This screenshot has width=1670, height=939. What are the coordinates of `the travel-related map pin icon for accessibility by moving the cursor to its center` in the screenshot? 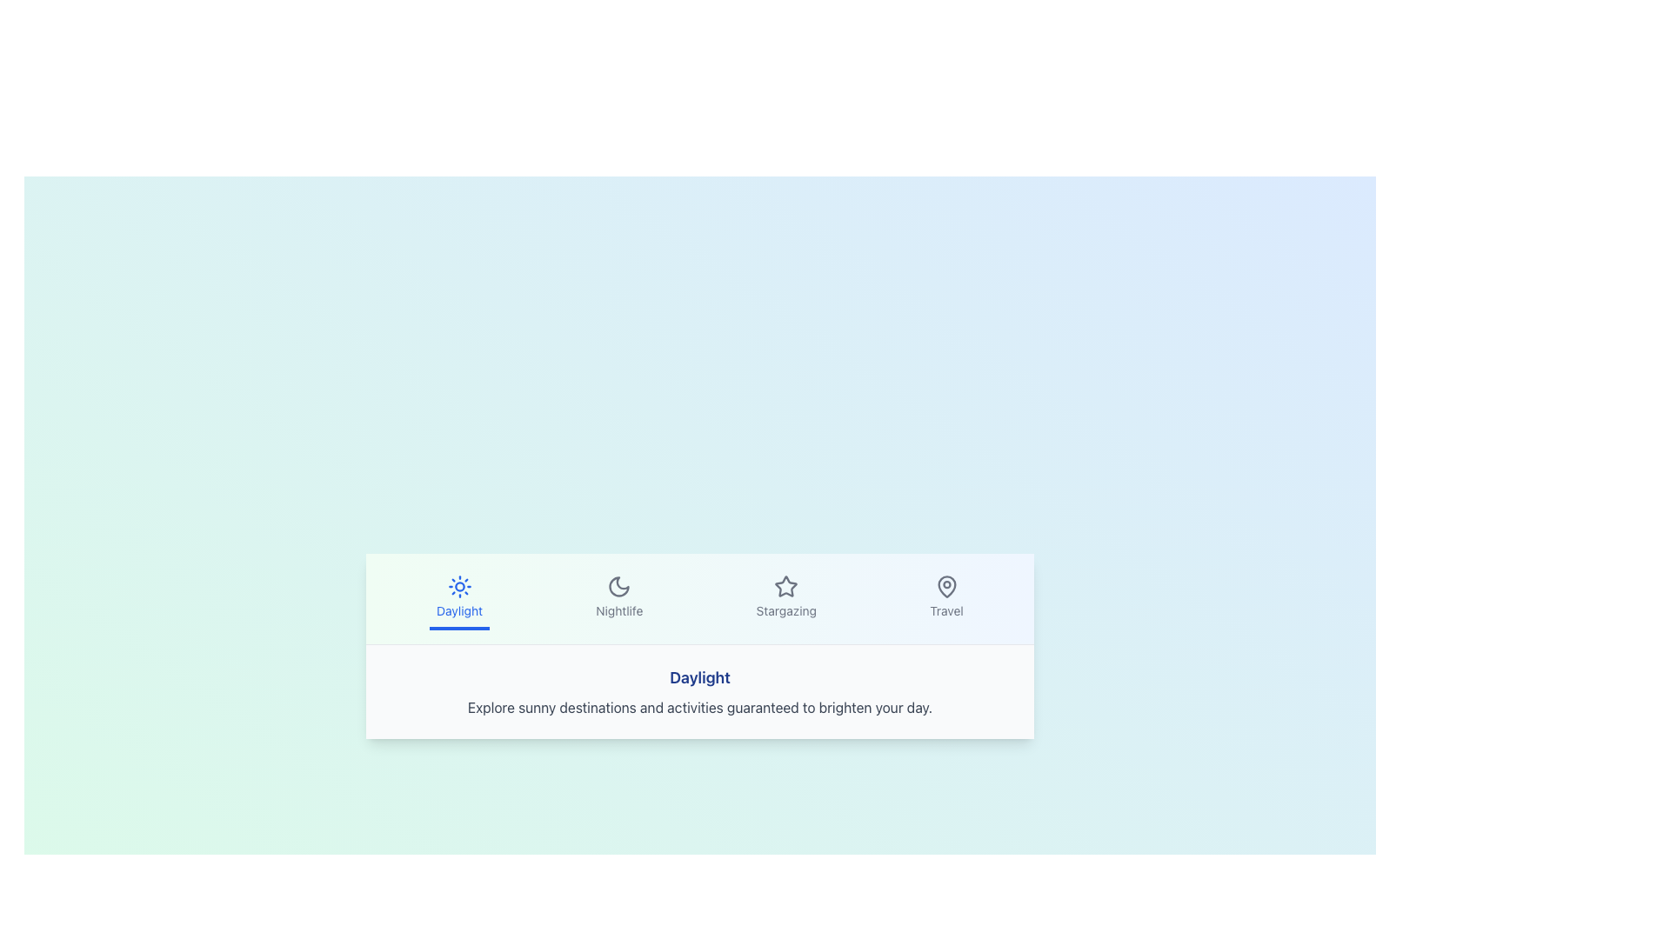 It's located at (945, 586).